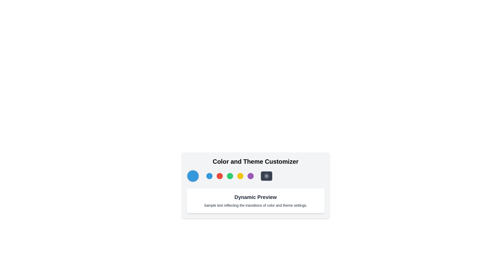 This screenshot has height=278, width=494. I want to click on the green circular button, which is the third button from the left in the 'Color and Theme Customizer' section, so click(230, 176).